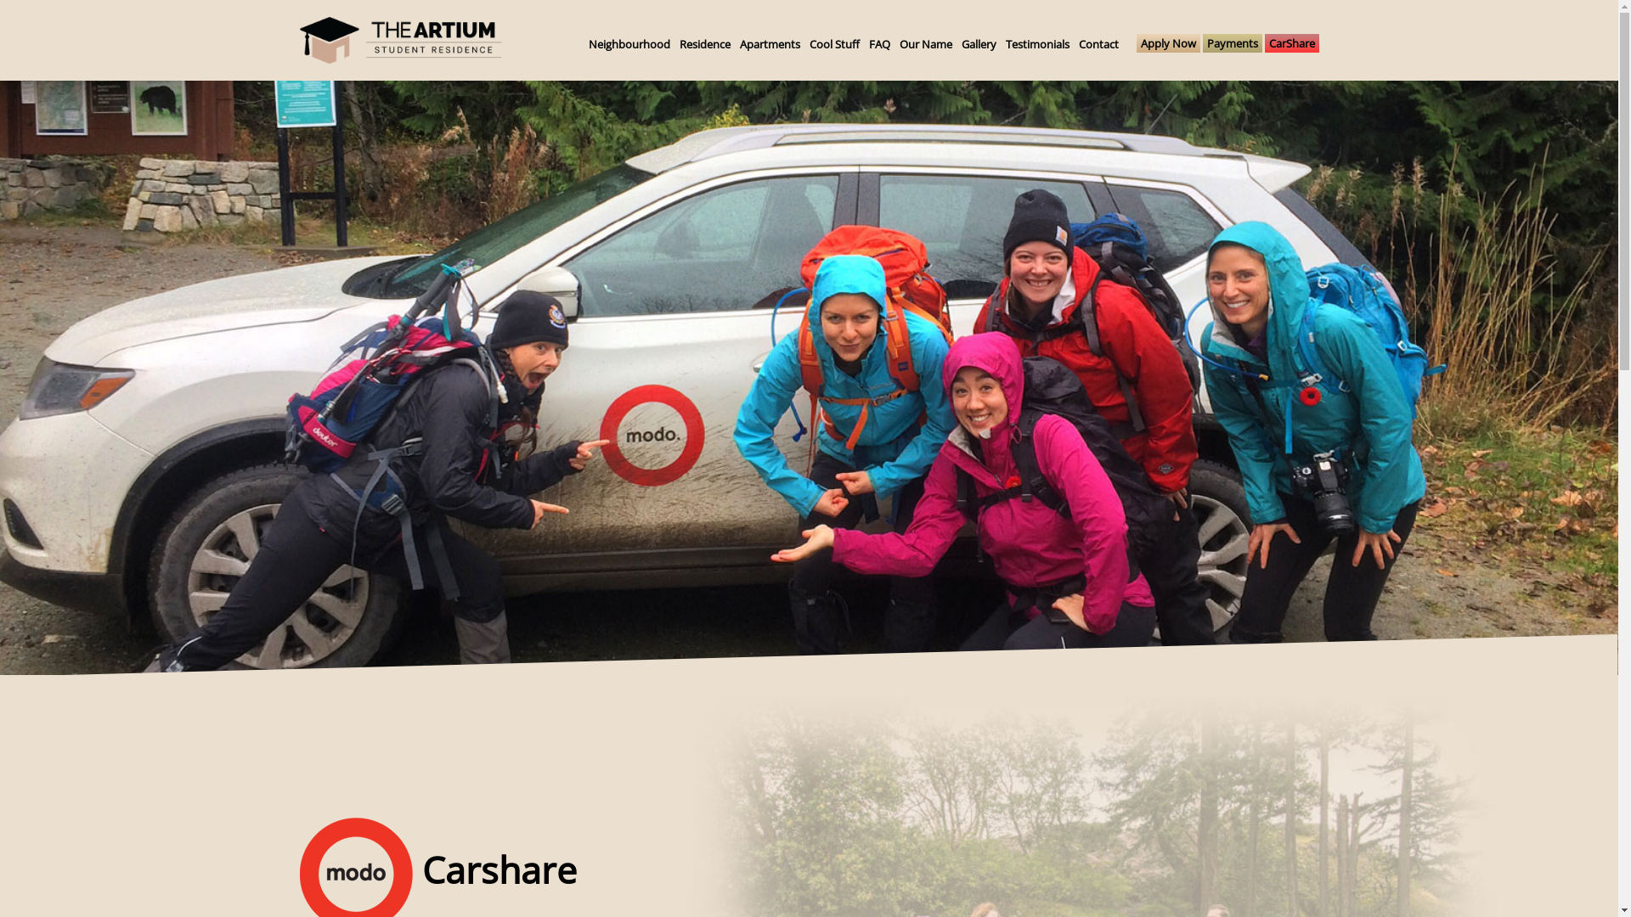 Image resolution: width=1631 pixels, height=917 pixels. I want to click on 'FAQ', so click(878, 42).